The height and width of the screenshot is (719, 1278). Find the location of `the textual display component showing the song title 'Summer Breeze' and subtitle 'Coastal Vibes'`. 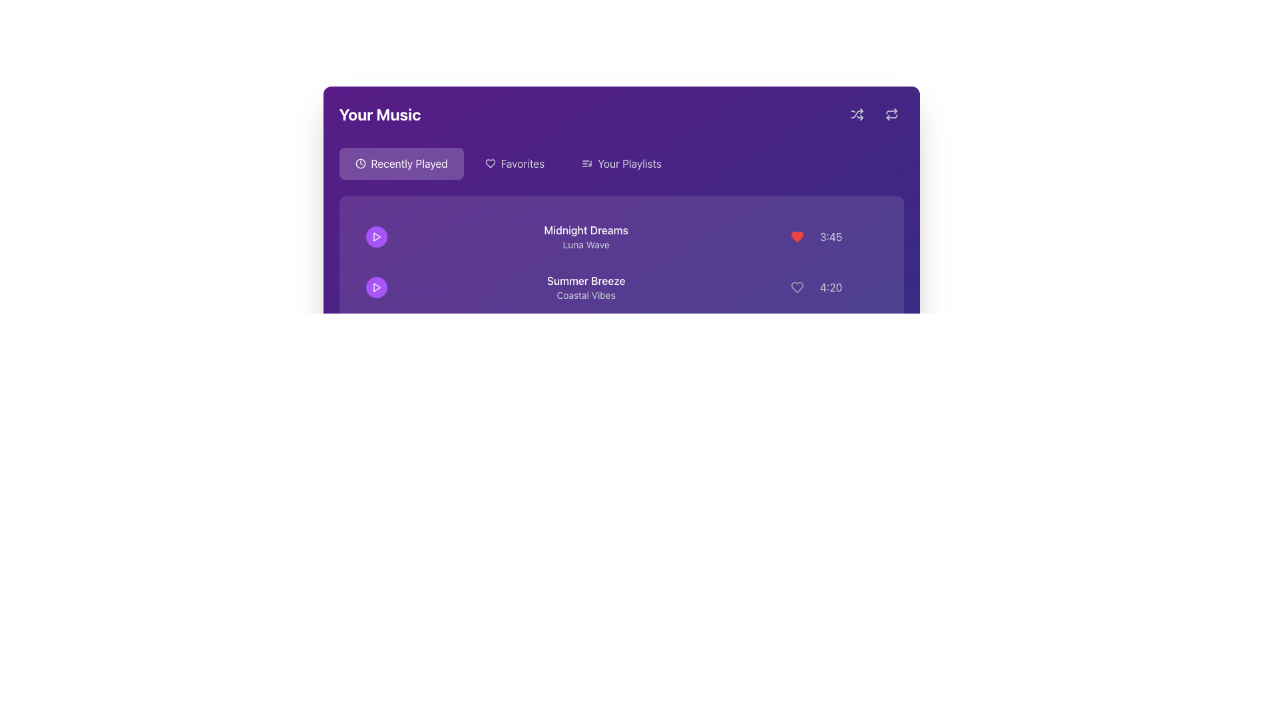

the textual display component showing the song title 'Summer Breeze' and subtitle 'Coastal Vibes' is located at coordinates (586, 287).